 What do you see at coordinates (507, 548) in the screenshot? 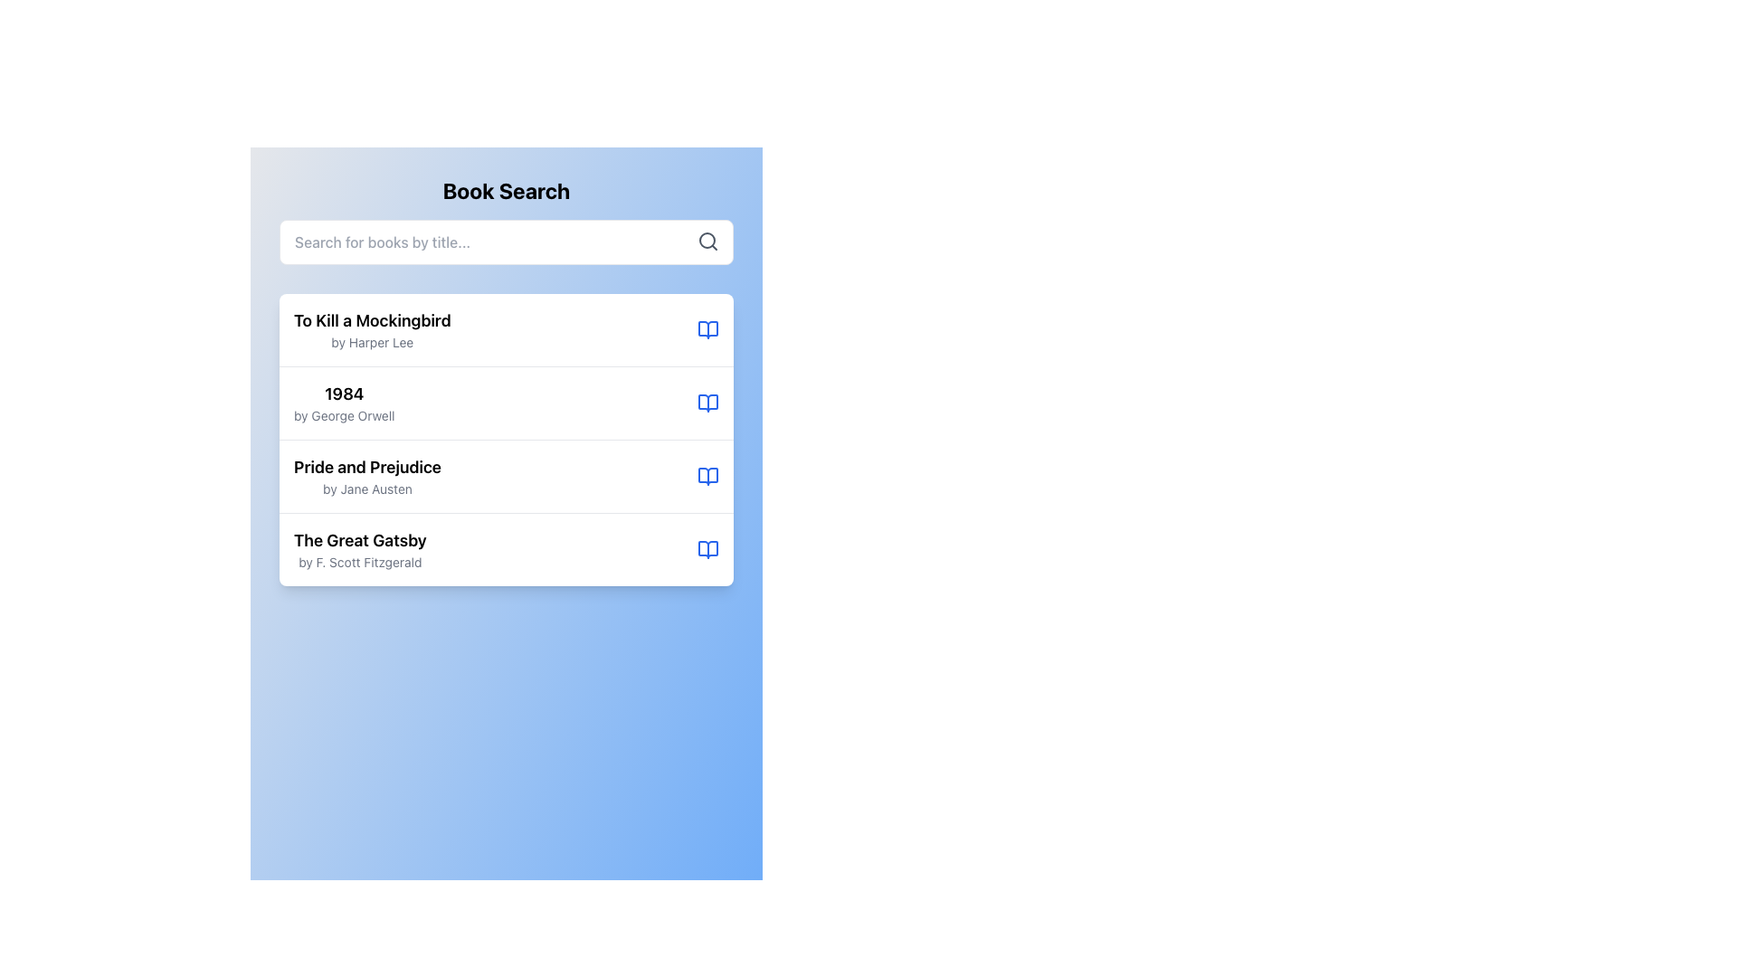
I see `the fourth list item titled 'The Great Gatsby'` at bounding box center [507, 548].